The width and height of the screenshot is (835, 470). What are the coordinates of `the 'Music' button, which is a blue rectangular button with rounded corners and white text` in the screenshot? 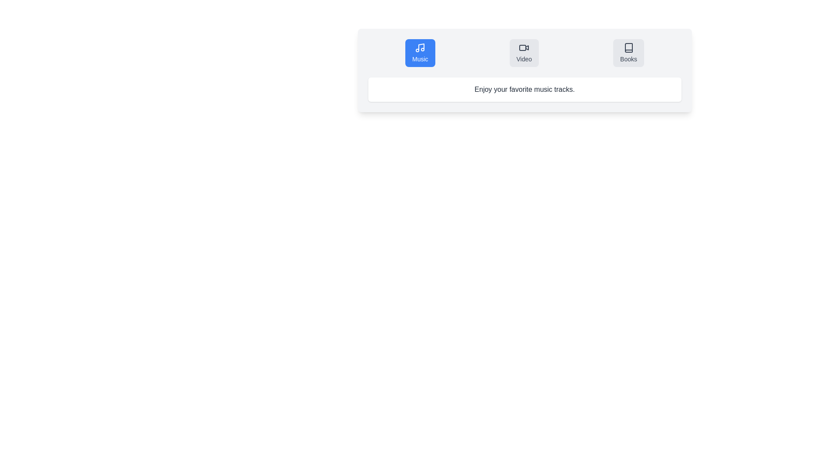 It's located at (420, 53).